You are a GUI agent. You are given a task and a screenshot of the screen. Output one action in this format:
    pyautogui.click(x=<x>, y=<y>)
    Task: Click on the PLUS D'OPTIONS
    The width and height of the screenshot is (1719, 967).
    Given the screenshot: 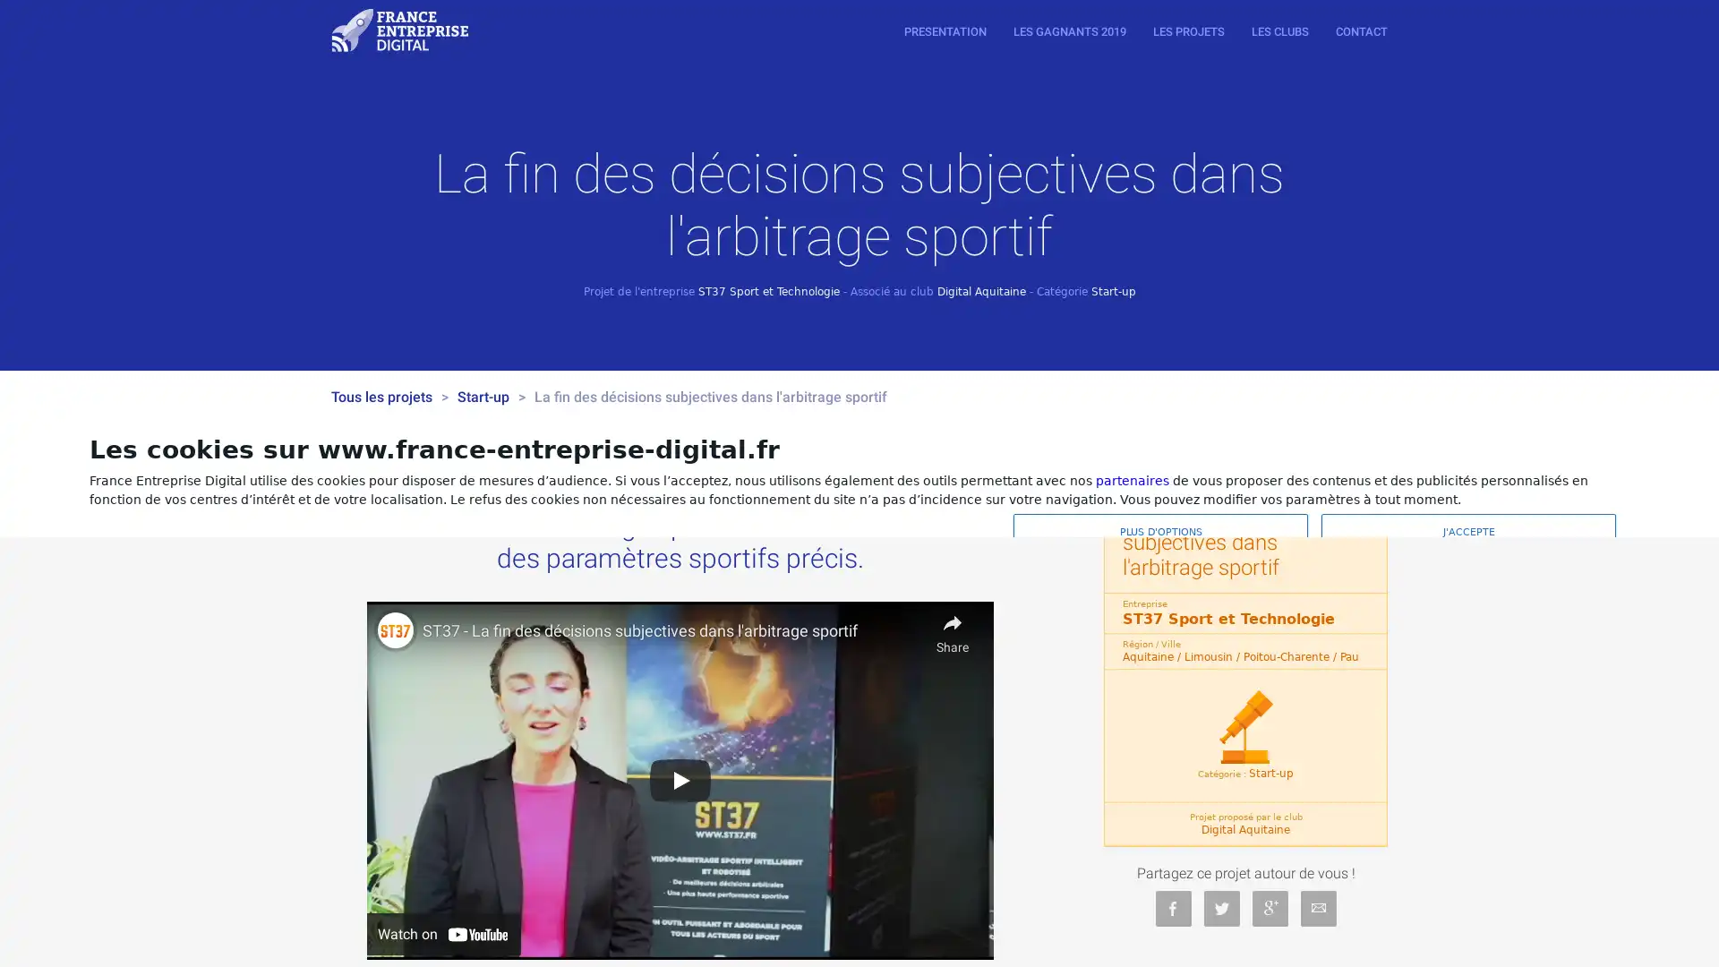 What is the action you would take?
    pyautogui.click(x=1160, y=531)
    